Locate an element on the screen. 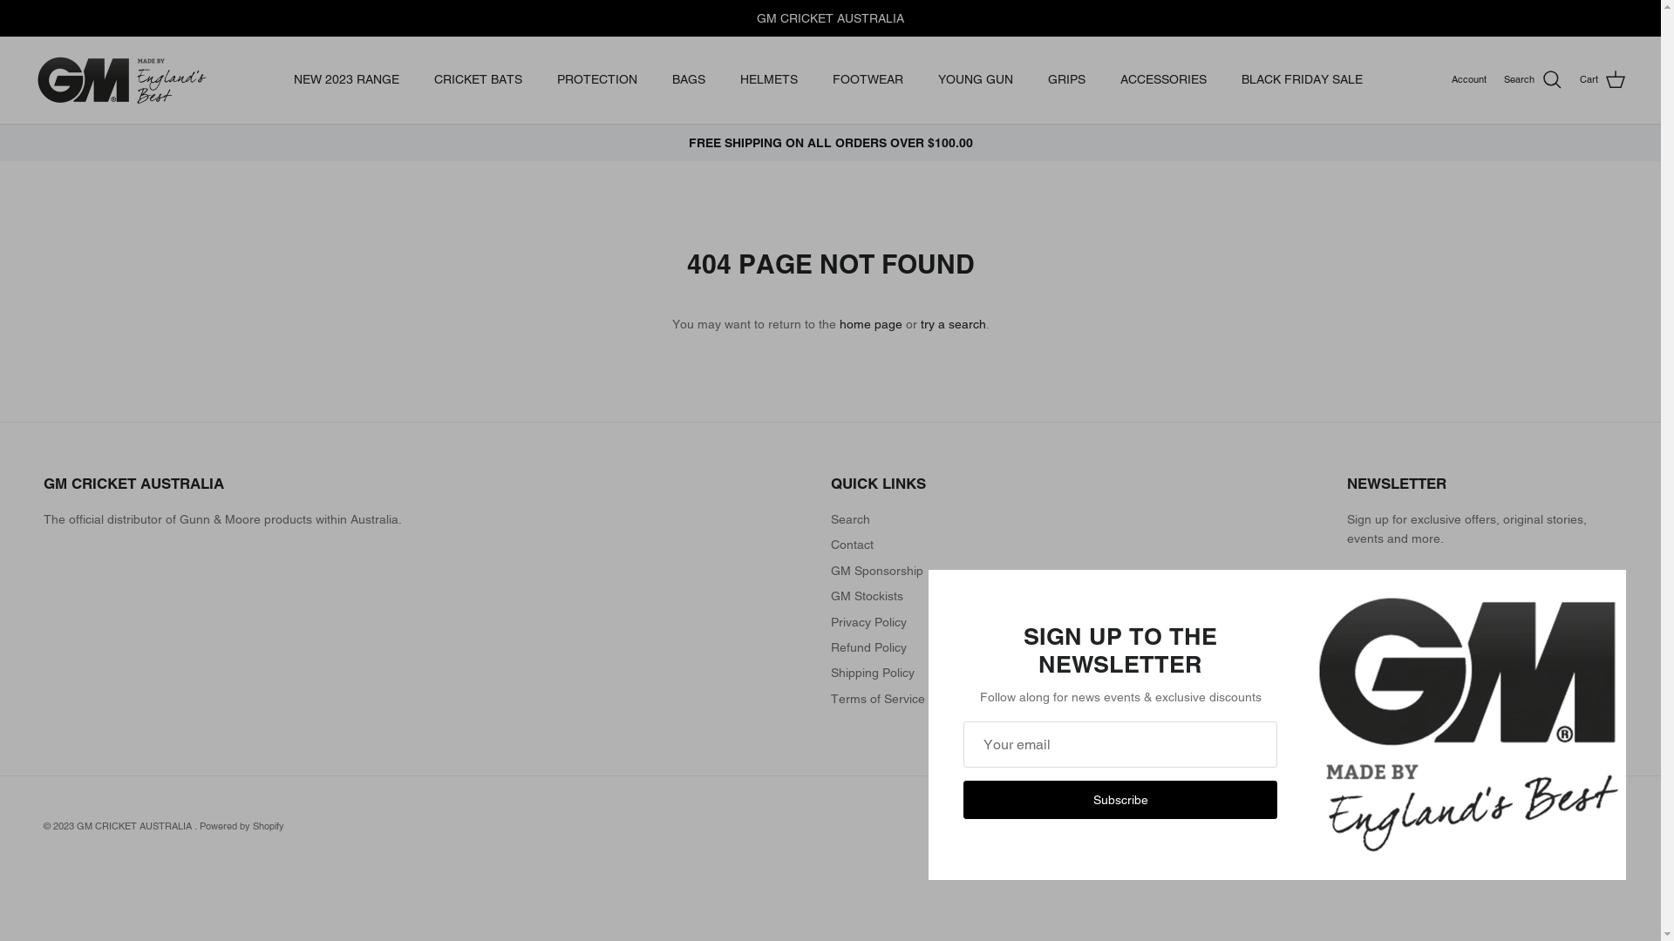 The height and width of the screenshot is (941, 1674). 'try a search' is located at coordinates (920, 323).